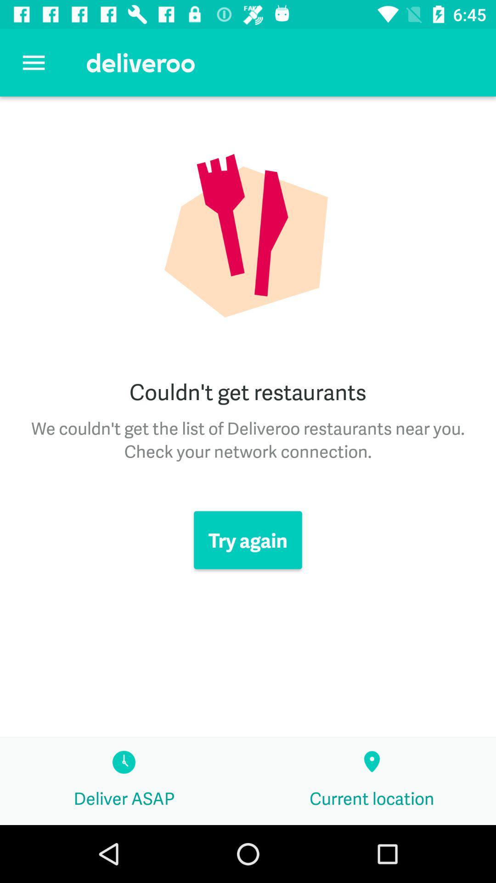 Image resolution: width=496 pixels, height=883 pixels. Describe the element at coordinates (248, 540) in the screenshot. I see `try again icon` at that location.